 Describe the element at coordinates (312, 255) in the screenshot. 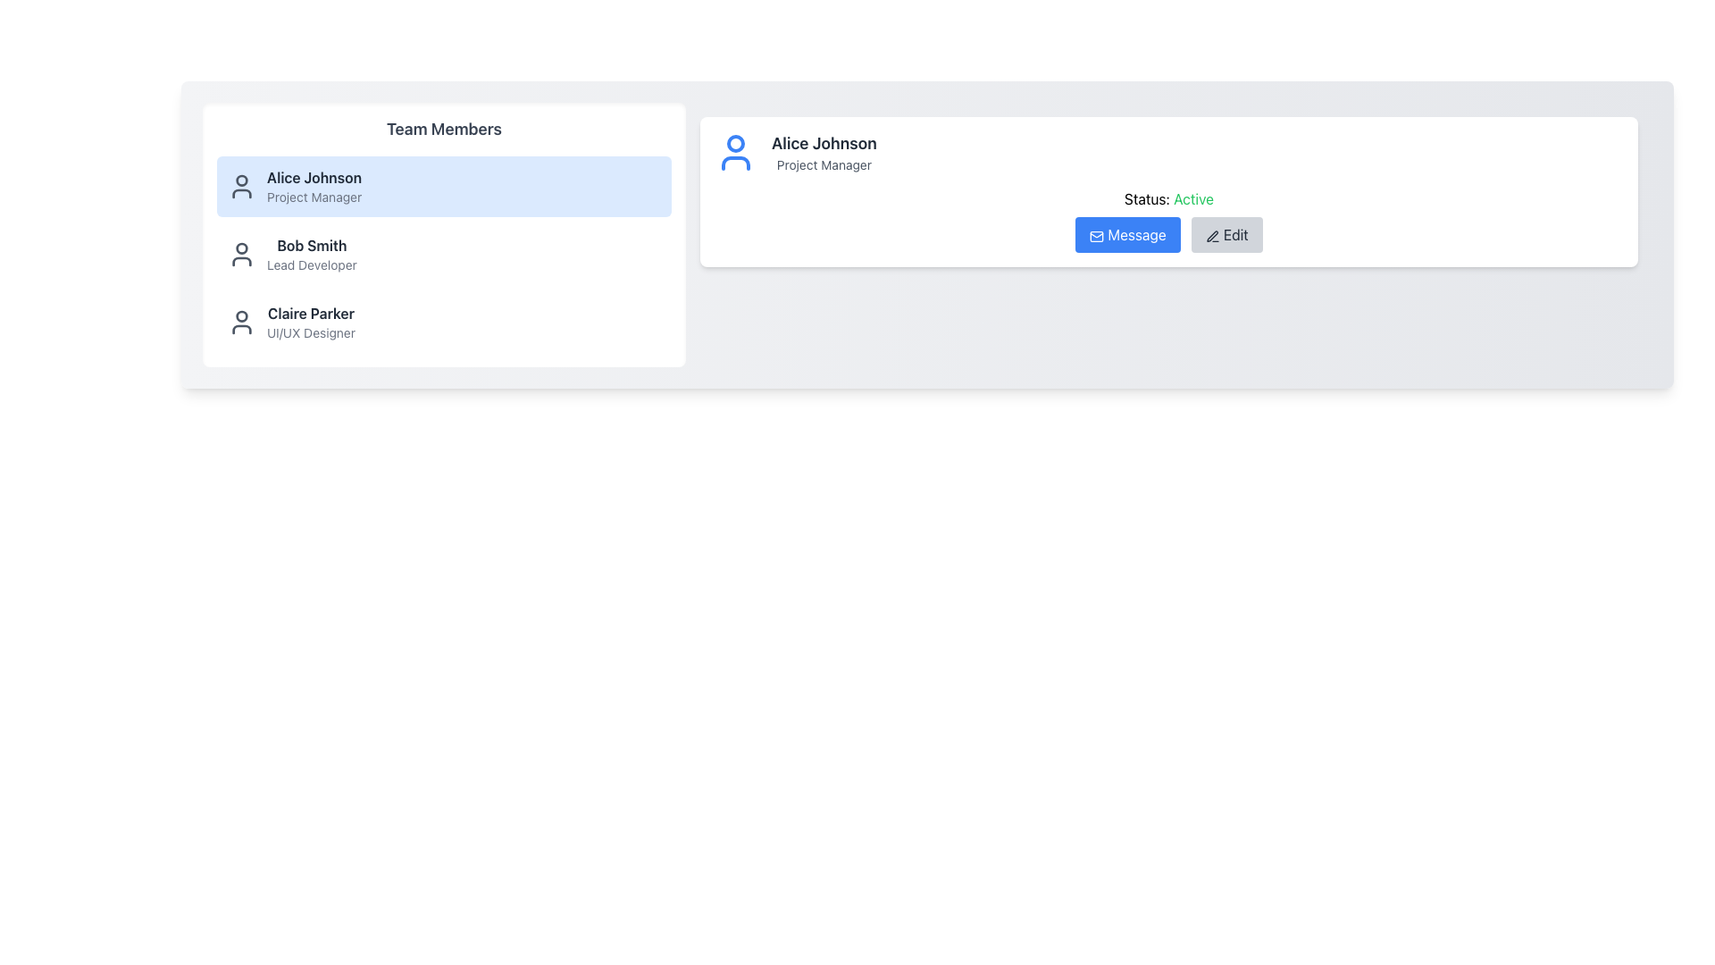

I see `the Label or Text Group that provides information about a team member, which is the second item in the 'Team Members' section, located below the user profile icon` at that location.